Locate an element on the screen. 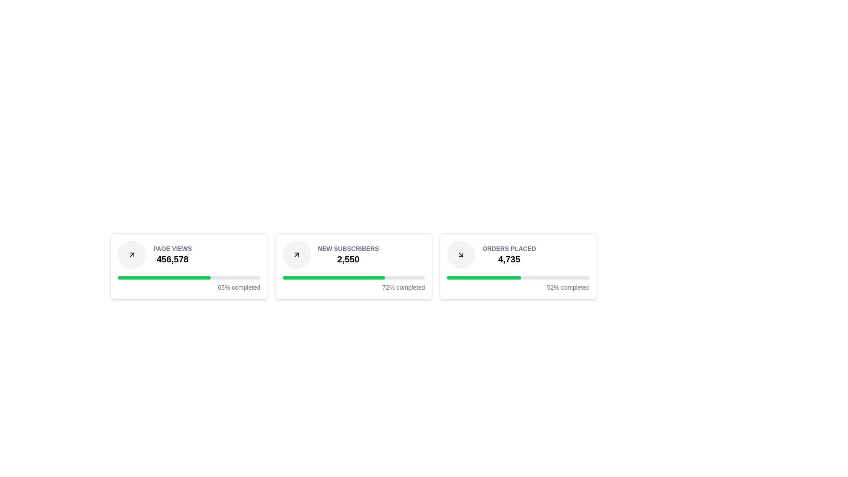 This screenshot has width=848, height=477. the progress bar area of the statistical dashboard card, which is the second card in a horizontal sequence displaying new subscribers and completion progress is located at coordinates (354, 265).